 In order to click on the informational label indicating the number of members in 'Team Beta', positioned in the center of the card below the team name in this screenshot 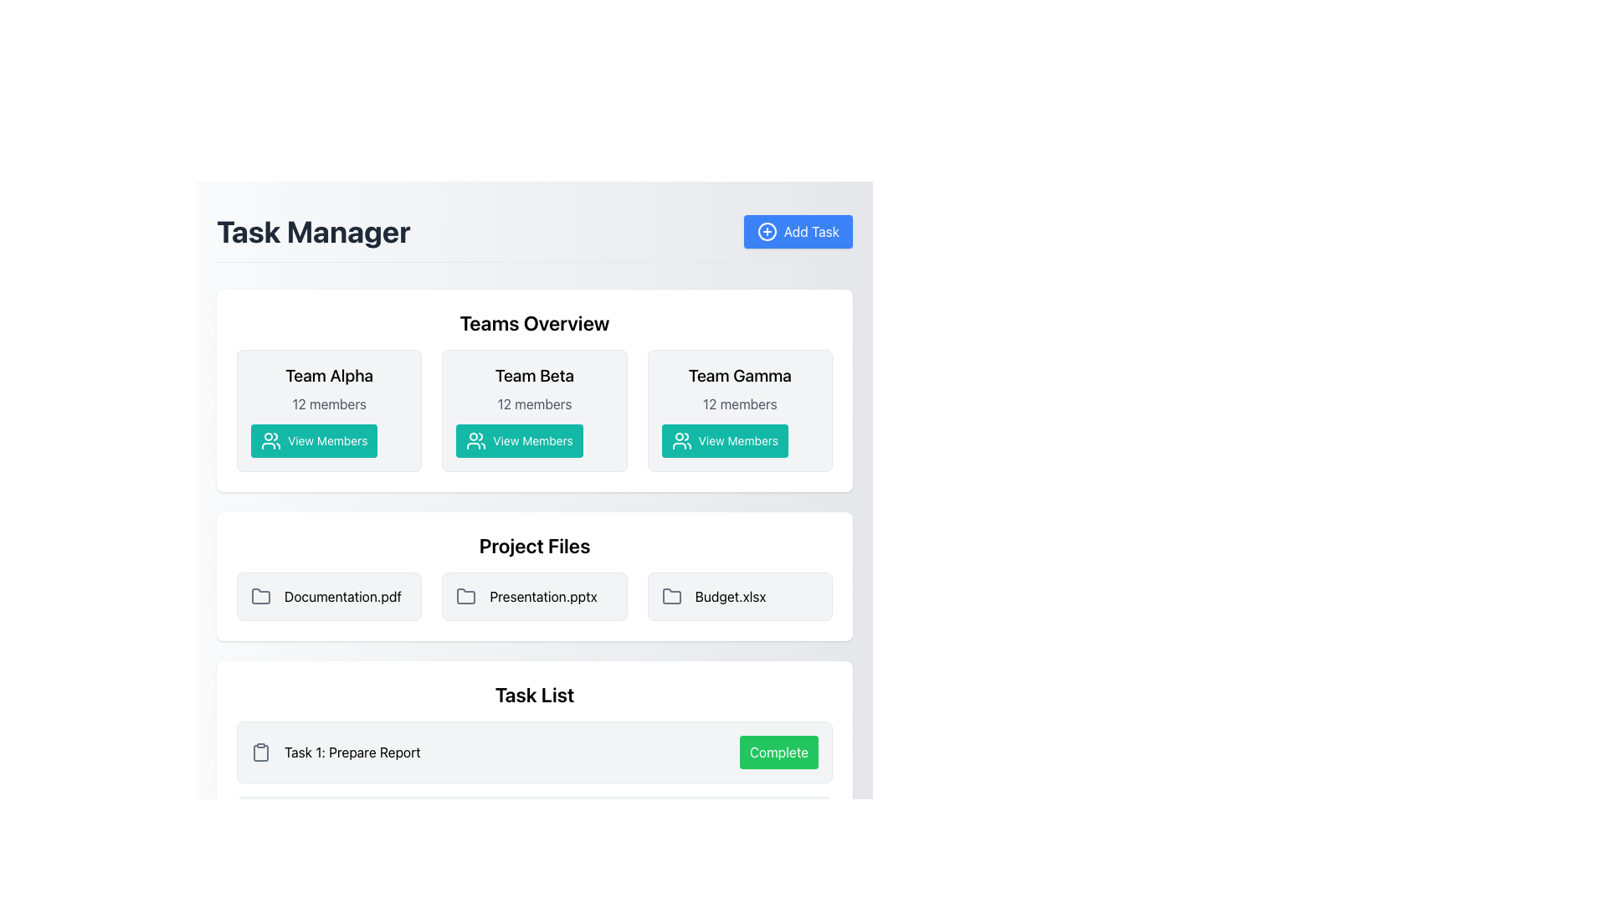, I will do `click(533, 403)`.